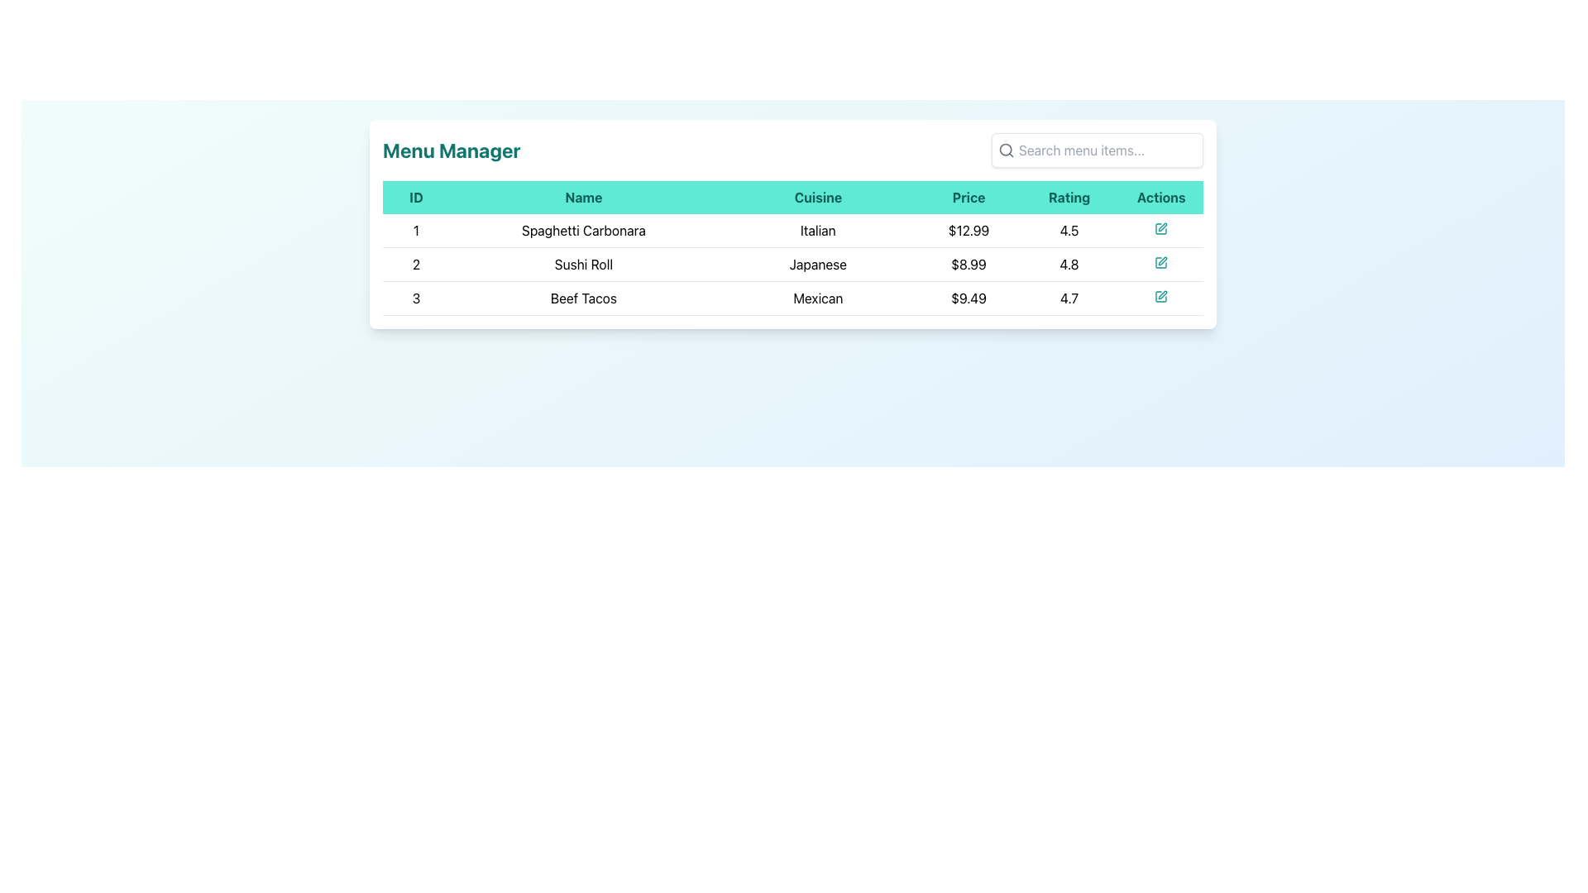 The width and height of the screenshot is (1588, 893). I want to click on the Text label that represents the type of cuisine in the third row of the table under the 'Cuisine' column, located between 'Beef Tacos' and the price '$9.49', so click(818, 298).